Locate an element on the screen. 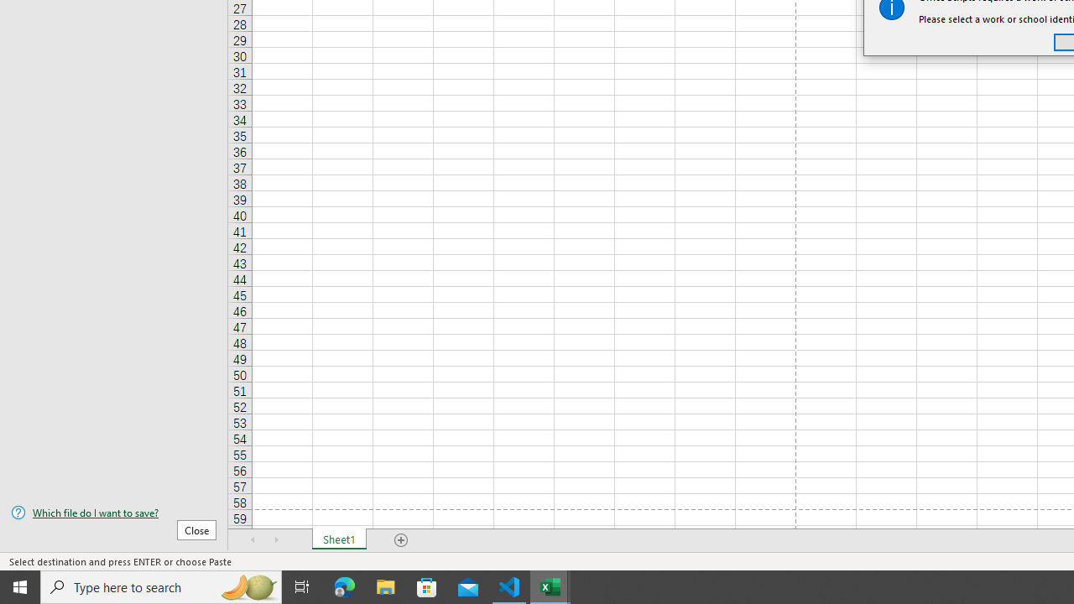 This screenshot has height=604, width=1074. 'Scroll Left' is located at coordinates (253, 540).